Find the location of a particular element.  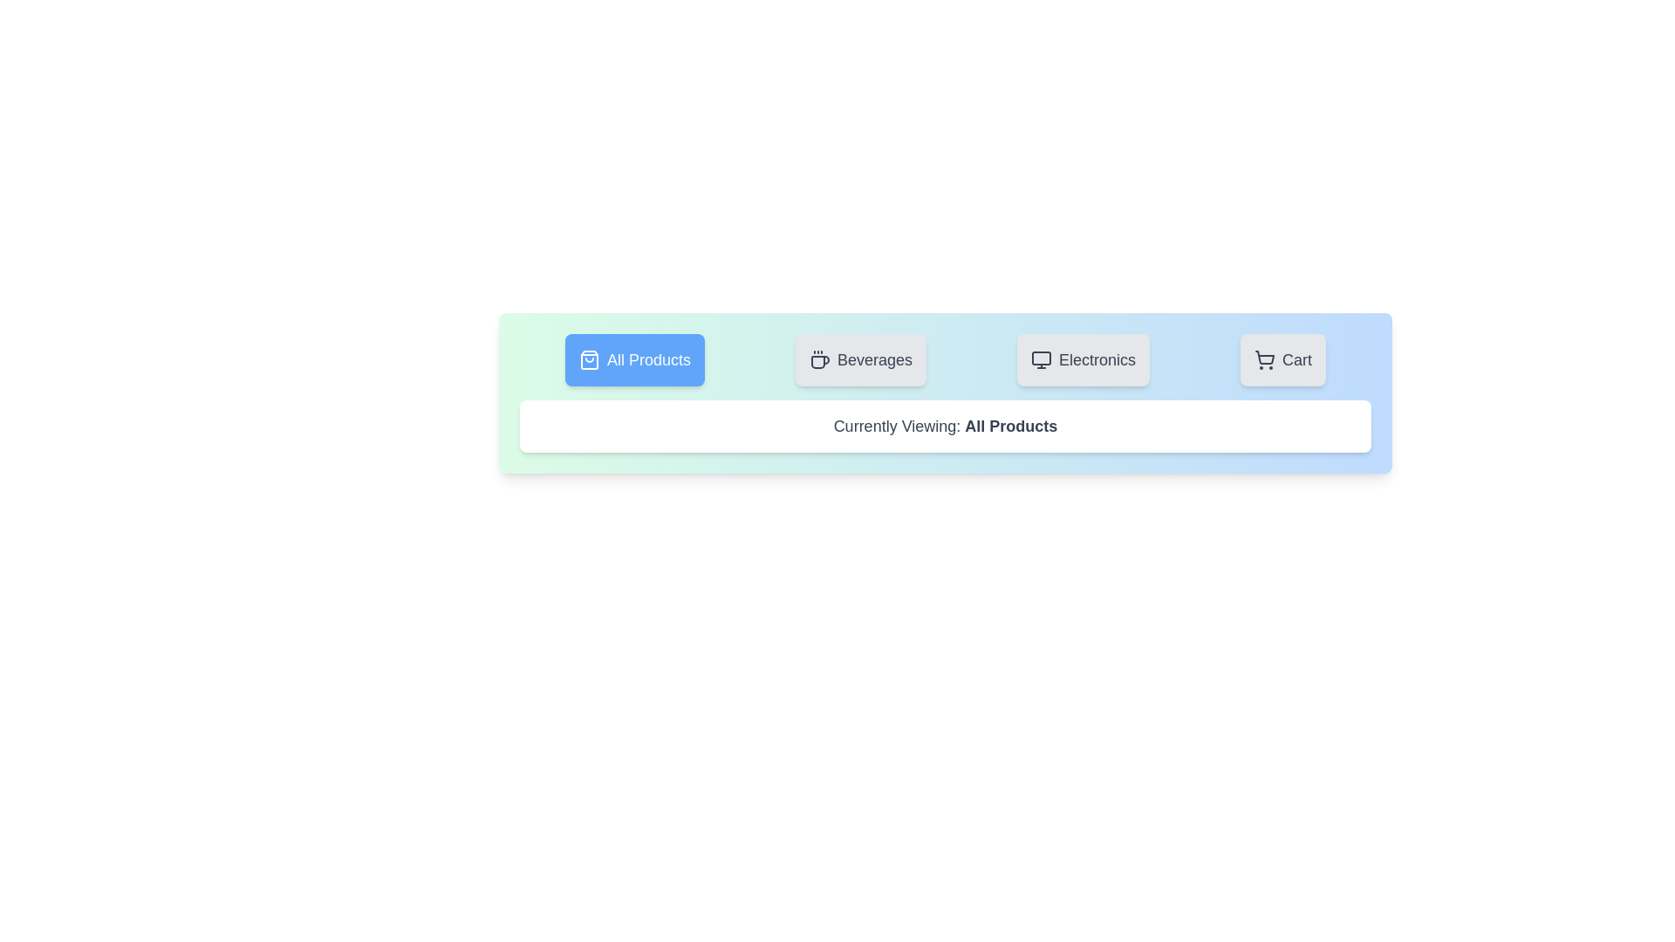

the tab labeled 'All Products' to observe its visual feedback is located at coordinates (634, 358).